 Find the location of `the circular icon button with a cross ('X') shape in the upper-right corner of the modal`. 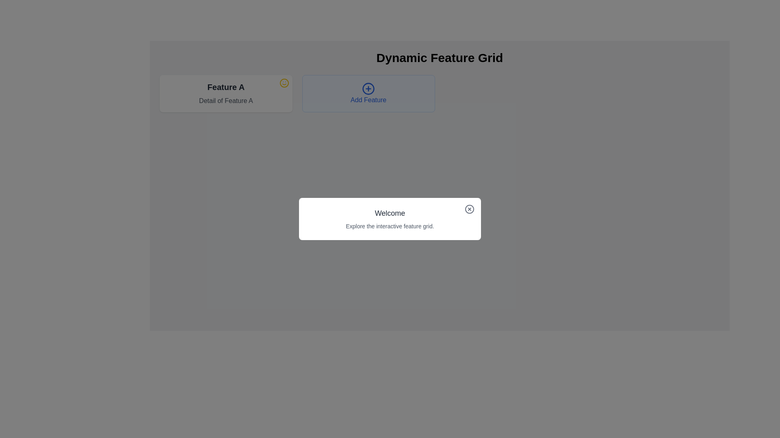

the circular icon button with a cross ('X') shape in the upper-right corner of the modal is located at coordinates (470, 209).